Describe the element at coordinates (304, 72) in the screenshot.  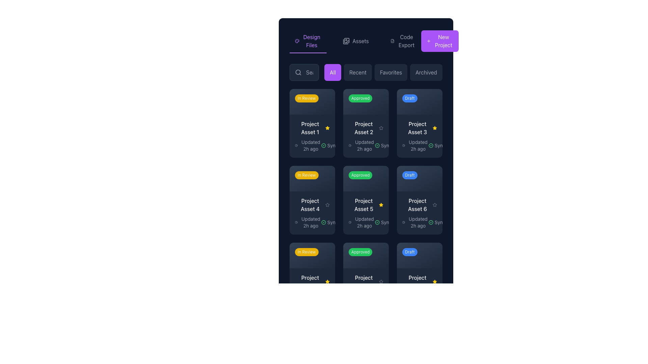
I see `the search input field located at the top left of the interface` at that location.